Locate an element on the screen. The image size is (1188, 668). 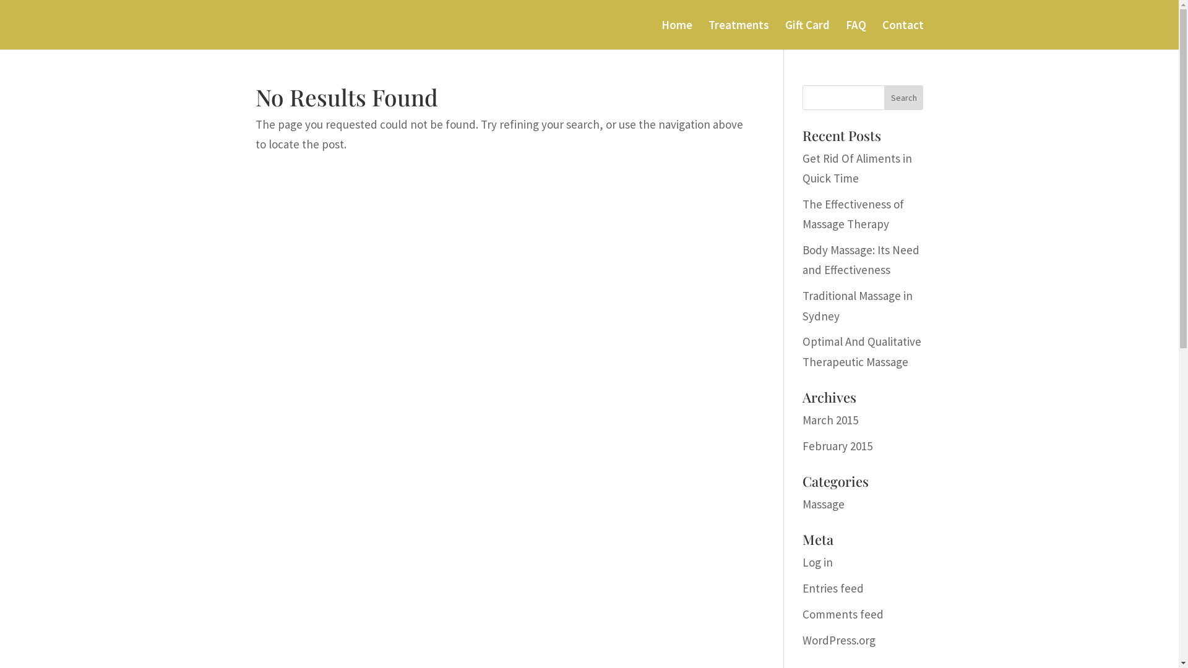
'Get Rid Of Aliments in Quick Time' is located at coordinates (802, 168).